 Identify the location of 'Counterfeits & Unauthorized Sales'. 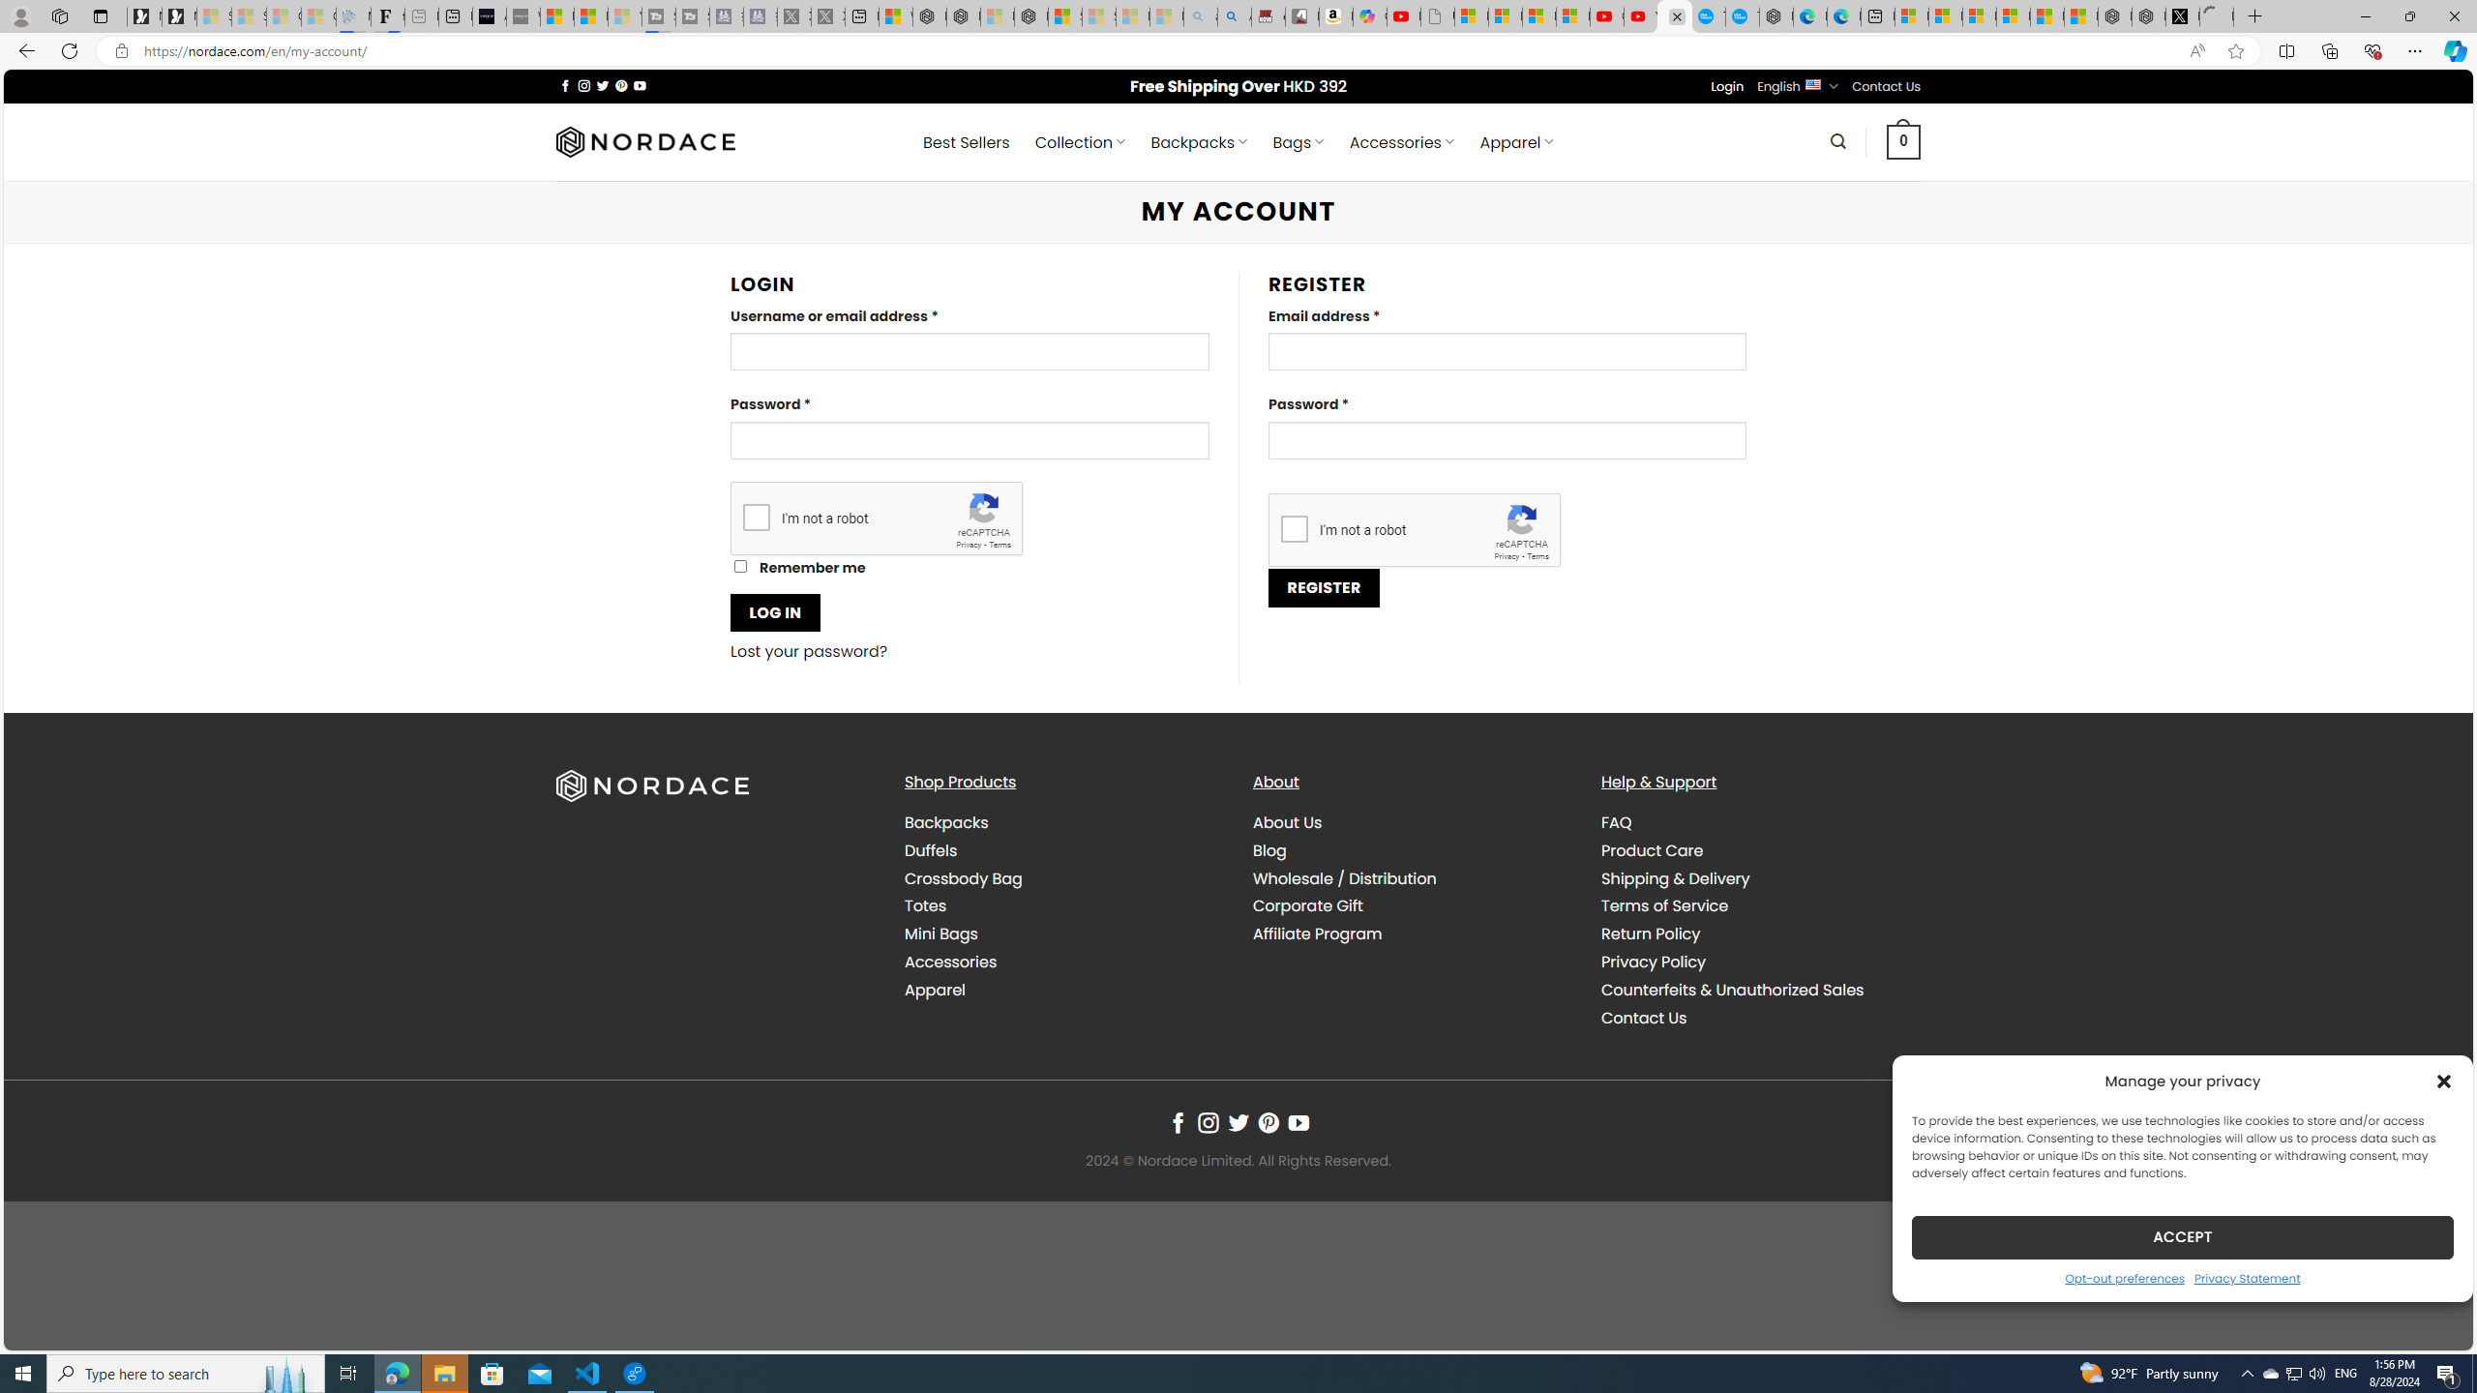
(1759, 989).